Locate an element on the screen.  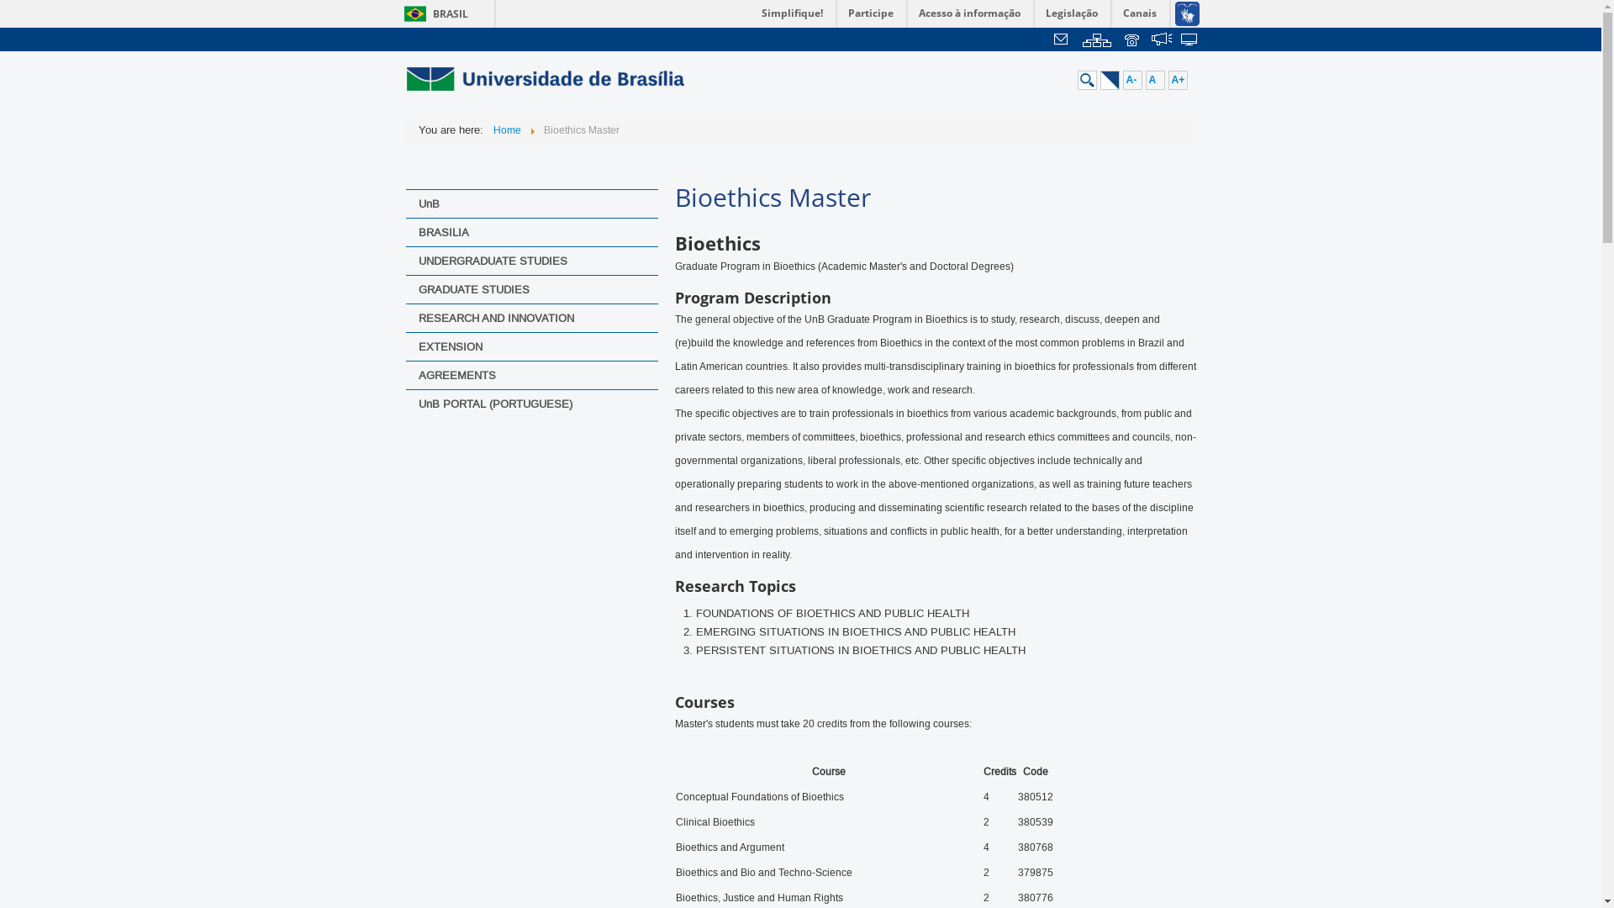
'AGREEMENTS' is located at coordinates (530, 374).